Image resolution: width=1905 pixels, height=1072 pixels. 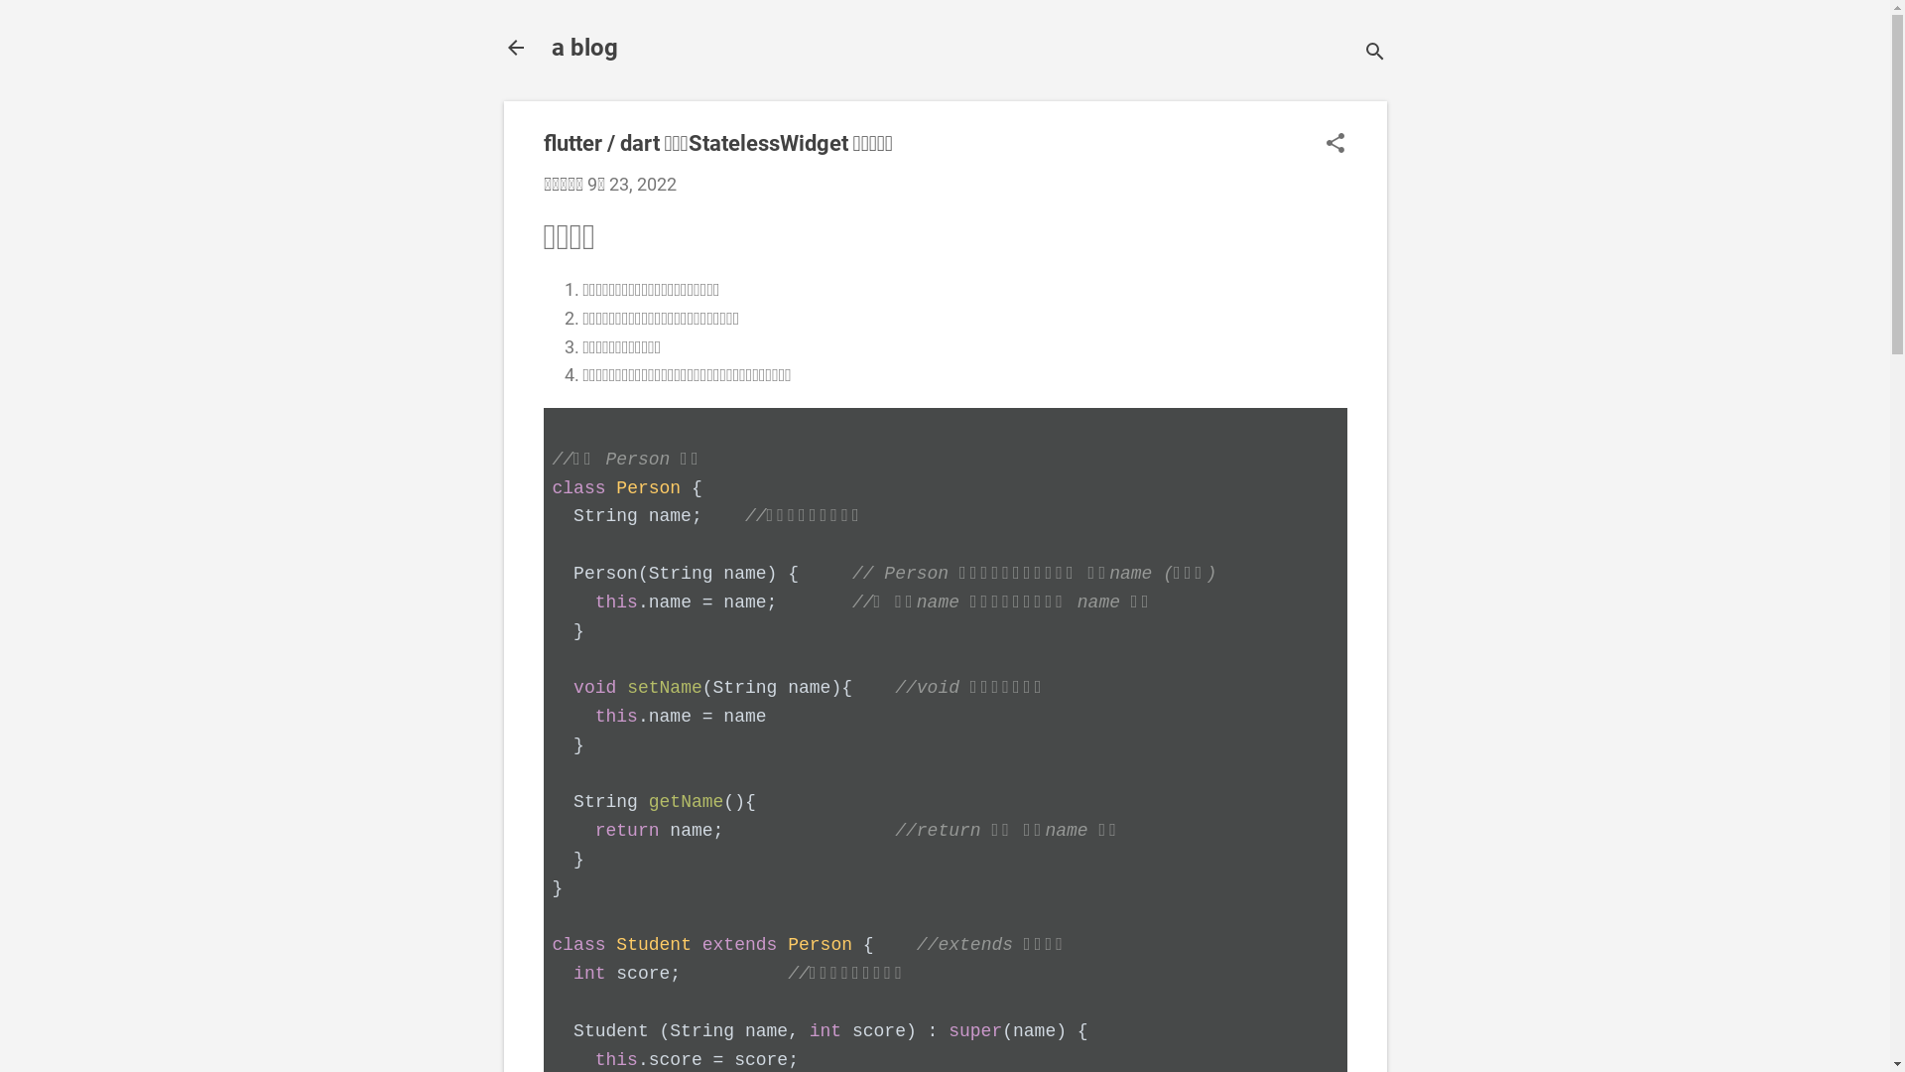 What do you see at coordinates (583, 46) in the screenshot?
I see `'a blog'` at bounding box center [583, 46].